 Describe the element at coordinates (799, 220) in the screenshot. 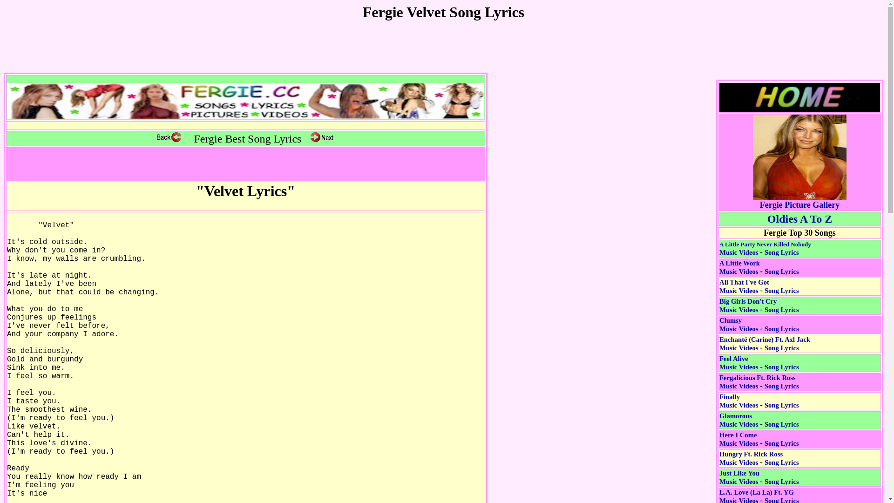

I see `'Oldies A To Z'` at that location.